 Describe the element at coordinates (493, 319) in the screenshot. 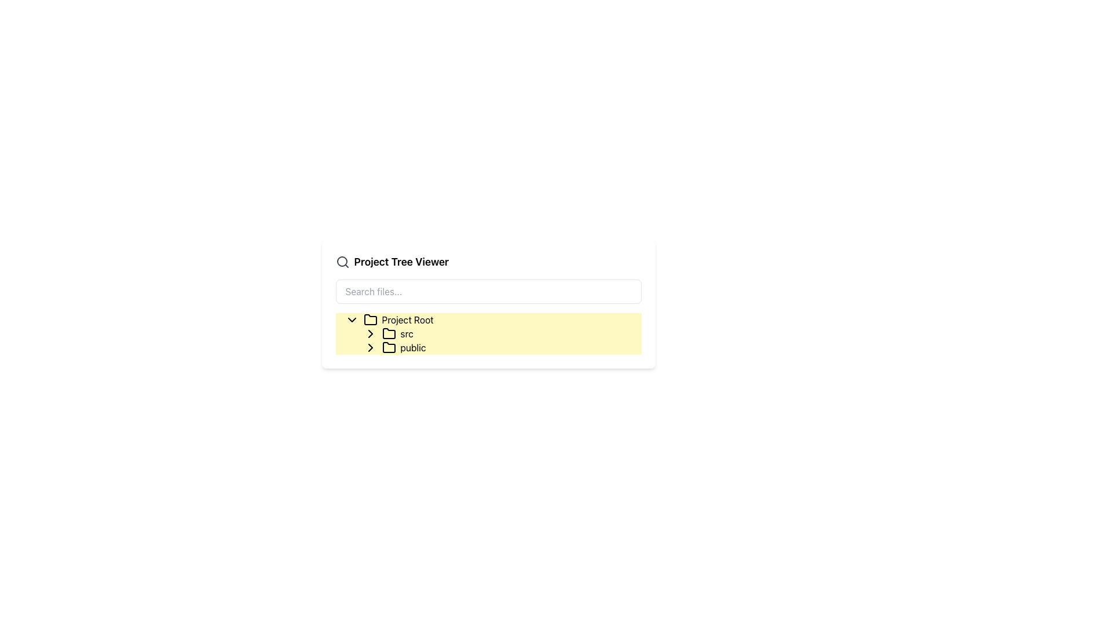

I see `the root folder in the tree viewer` at that location.